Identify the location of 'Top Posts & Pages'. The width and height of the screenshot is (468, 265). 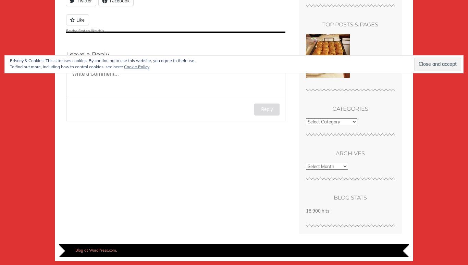
(350, 24).